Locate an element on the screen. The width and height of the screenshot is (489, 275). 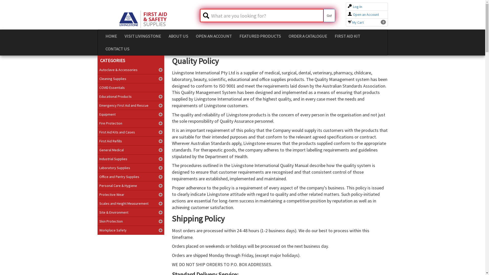
'Workplace Safety' is located at coordinates (131, 230).